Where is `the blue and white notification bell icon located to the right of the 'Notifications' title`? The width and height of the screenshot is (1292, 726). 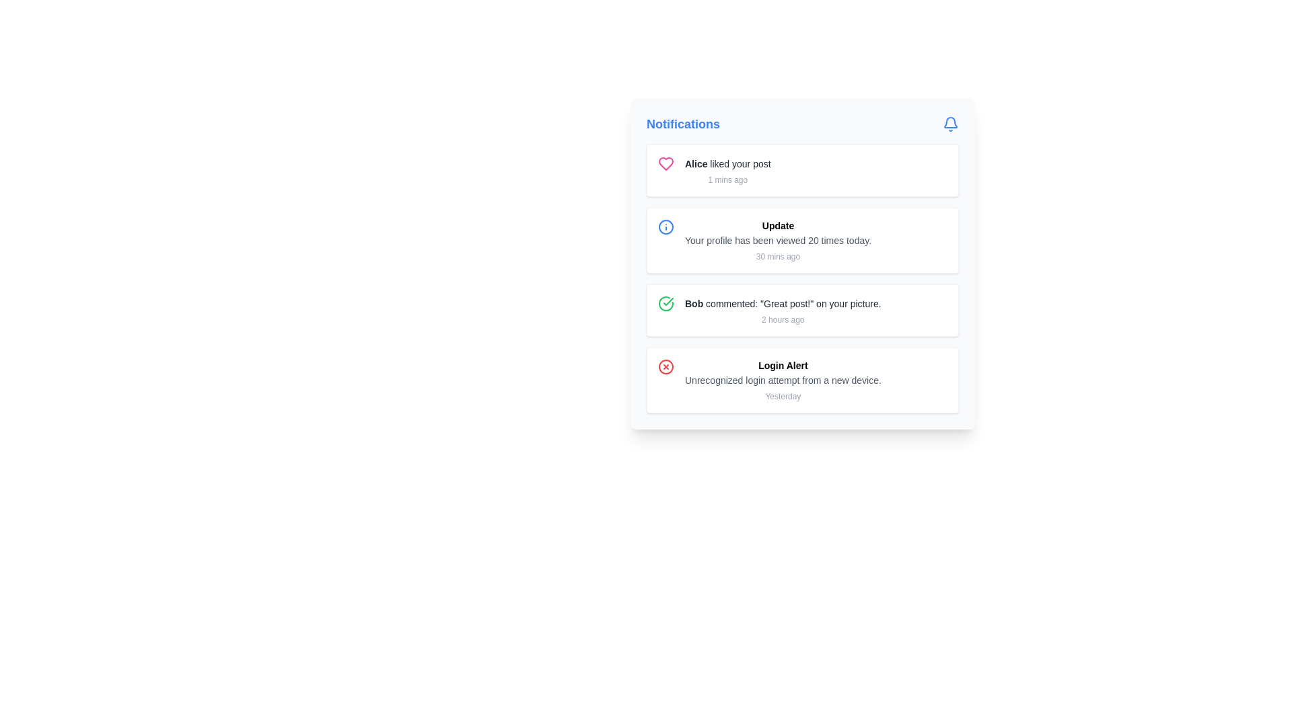
the blue and white notification bell icon located to the right of the 'Notifications' title is located at coordinates (949, 124).